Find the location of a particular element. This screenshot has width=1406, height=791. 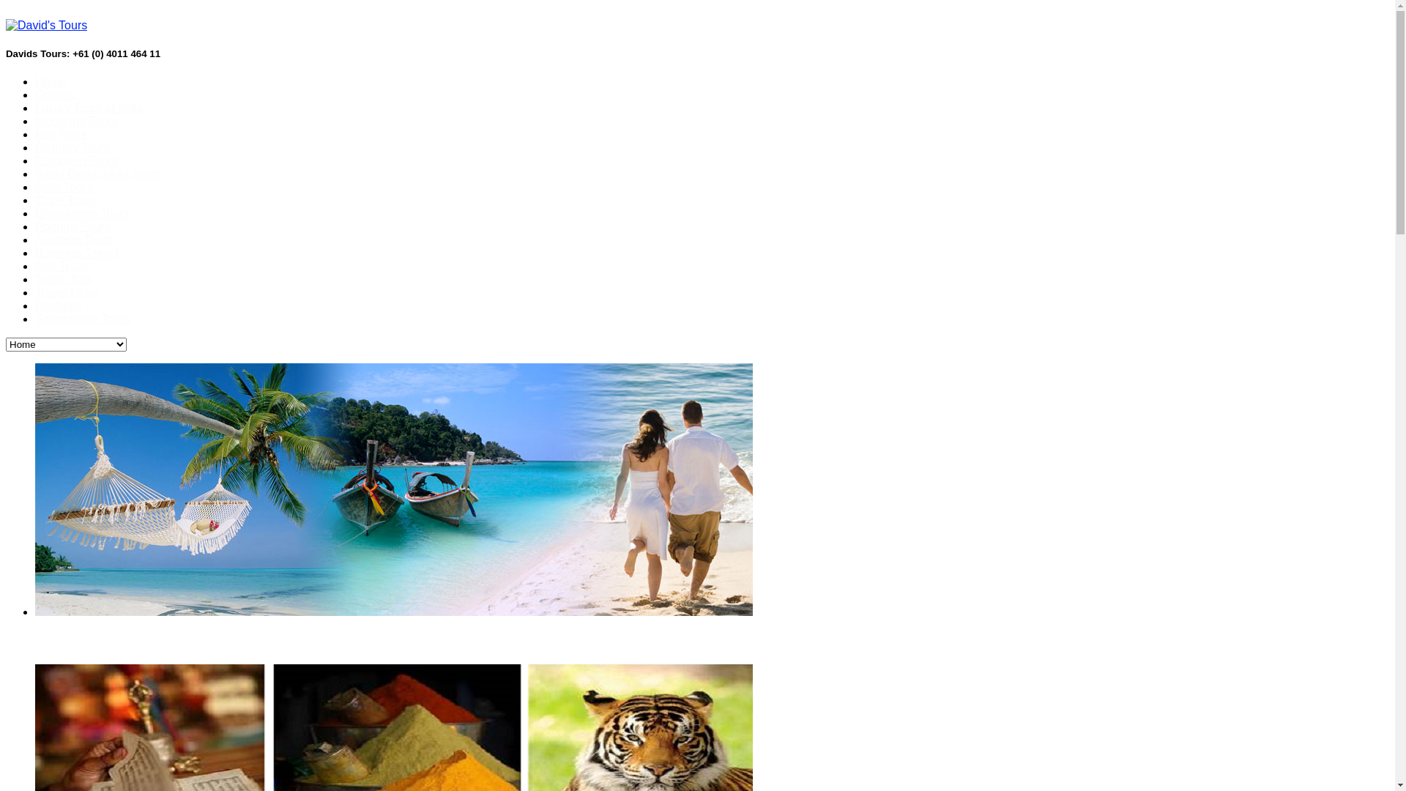

'Luxury Tours of India' is located at coordinates (88, 107).